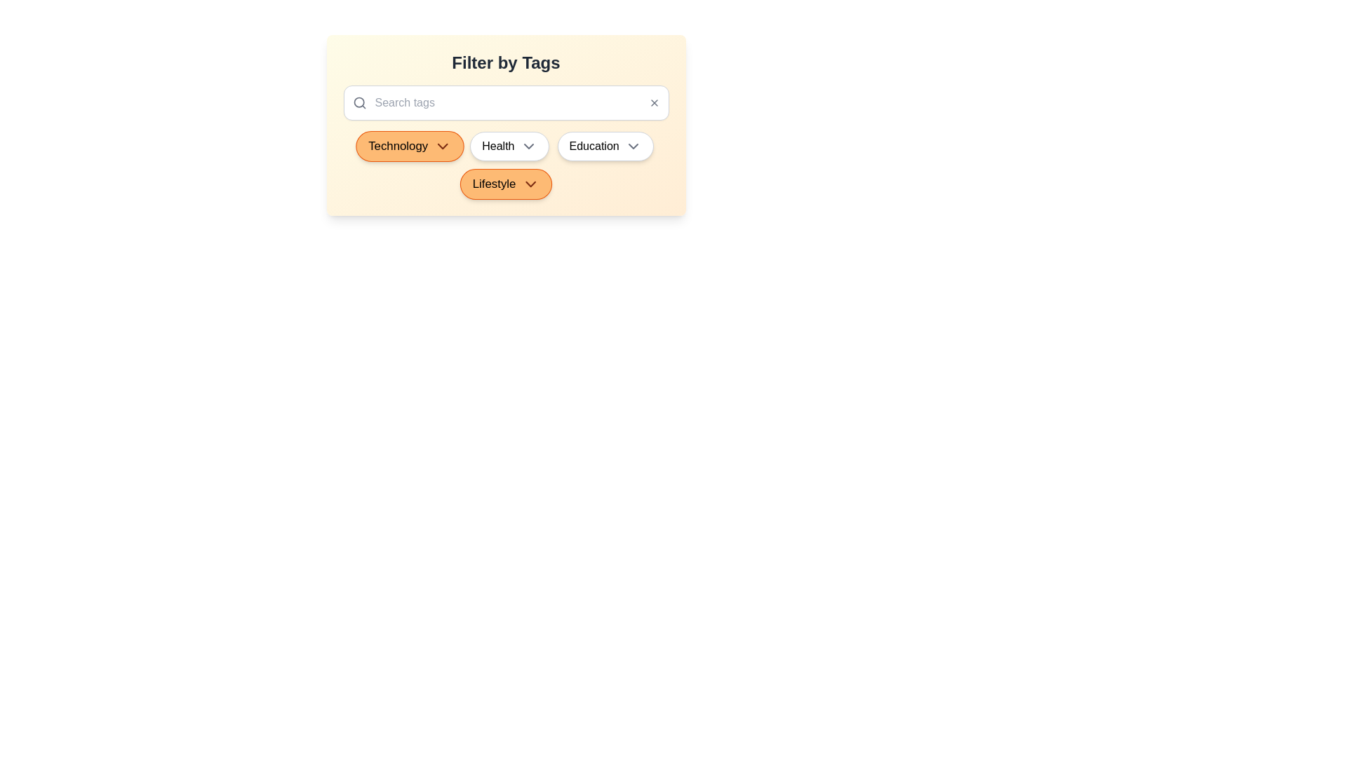  Describe the element at coordinates (653, 102) in the screenshot. I see `the clear icon to clear the search input field` at that location.